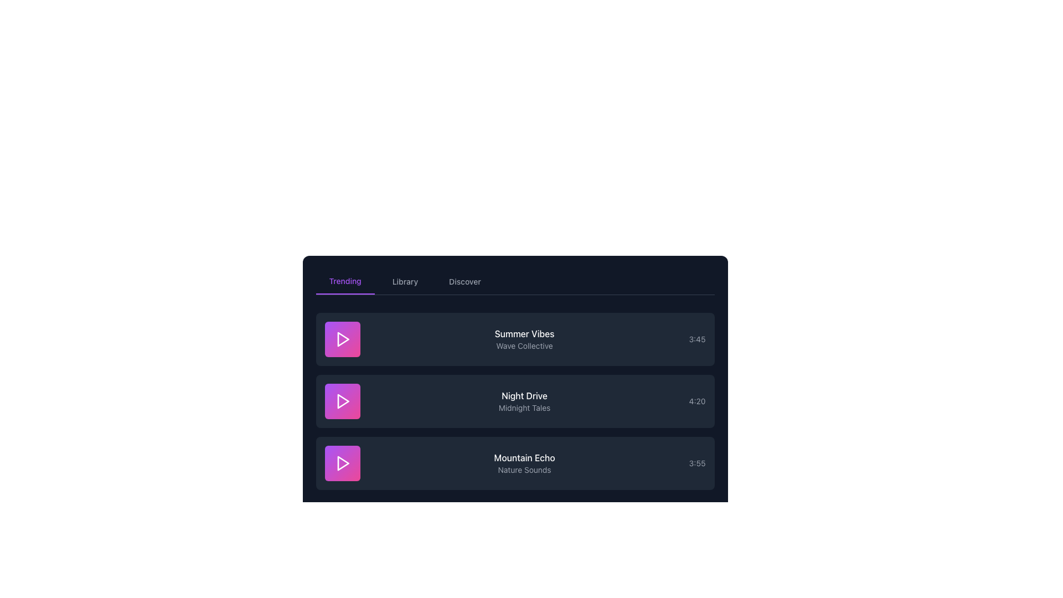 This screenshot has height=598, width=1063. Describe the element at coordinates (342, 463) in the screenshot. I see `the audio play button located at the leftmost side of the third row, which includes the text elements 'Mountain Echo', 'Nature Sounds', and the duration '3:55'` at that location.